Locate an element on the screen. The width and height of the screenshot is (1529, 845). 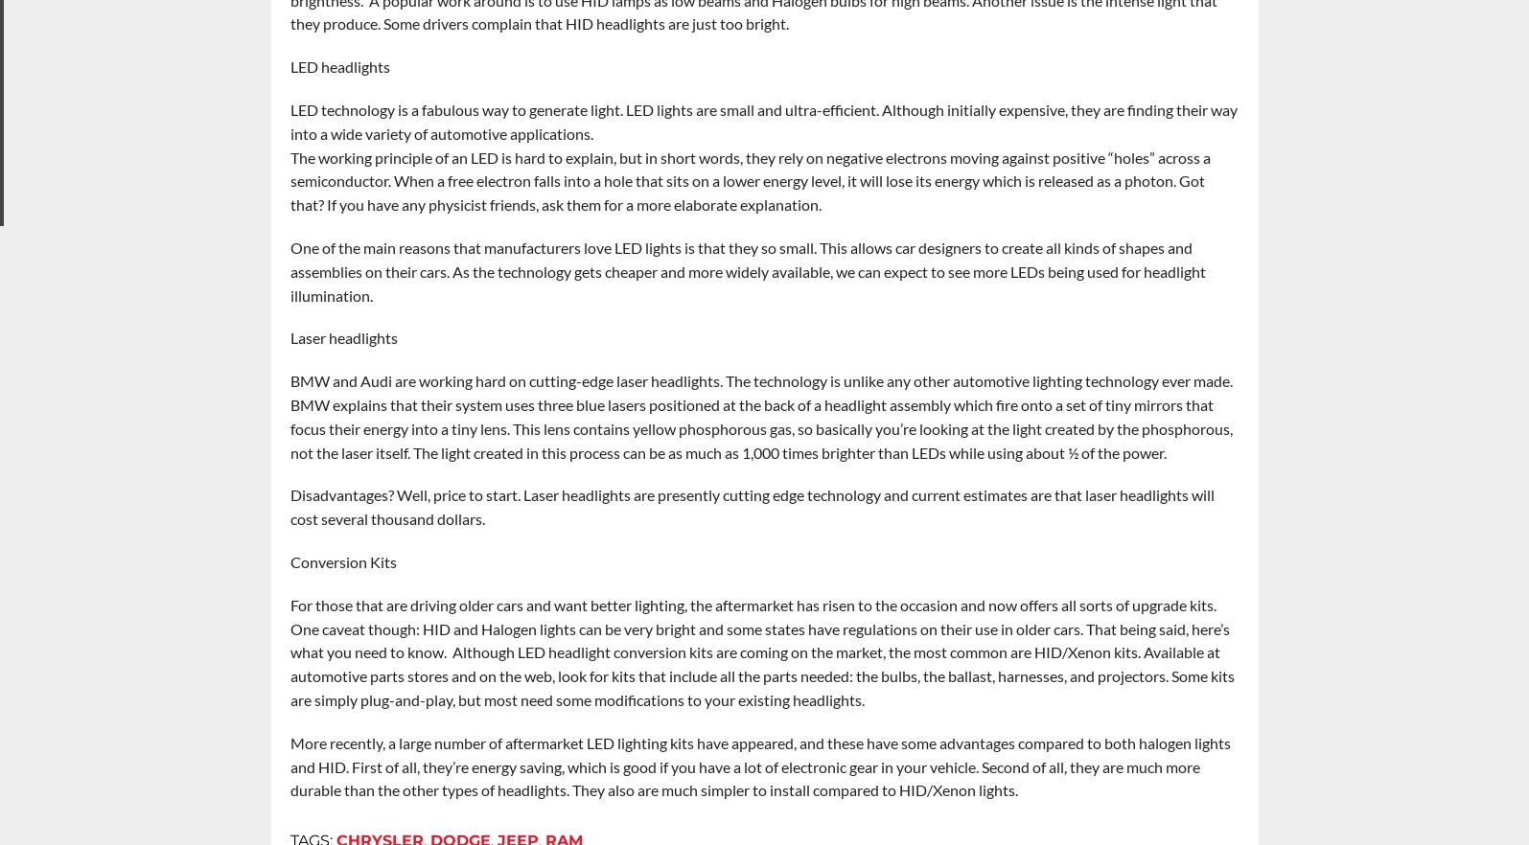
'Conversion Kits' is located at coordinates (289, 561).